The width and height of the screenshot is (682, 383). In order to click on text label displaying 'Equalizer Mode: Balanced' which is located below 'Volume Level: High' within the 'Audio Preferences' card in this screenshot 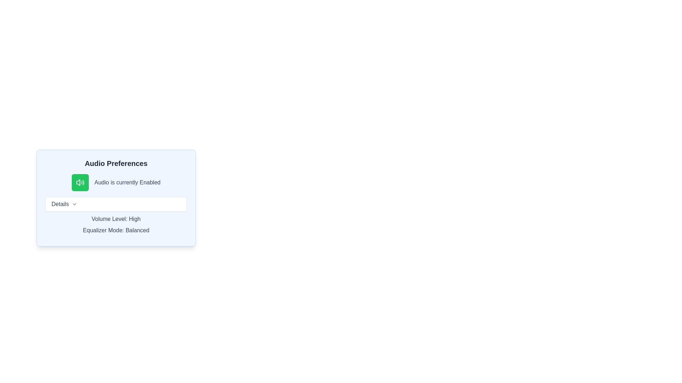, I will do `click(116, 231)`.